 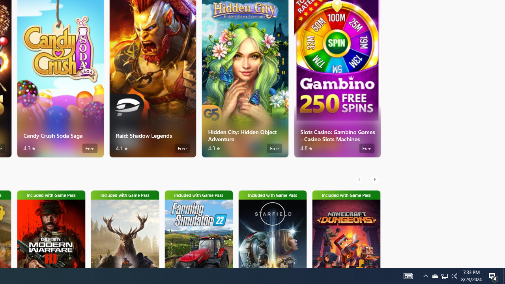 What do you see at coordinates (375, 179) in the screenshot?
I see `'AutomationID: RightScrollButton'` at bounding box center [375, 179].